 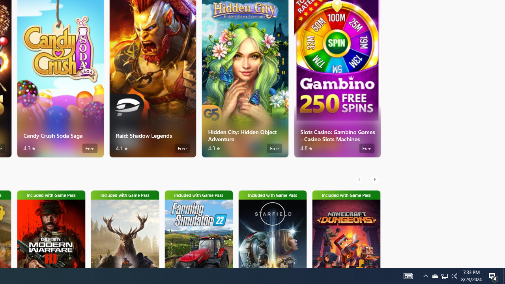 What do you see at coordinates (375, 179) in the screenshot?
I see `'AutomationID: RightScrollButton'` at bounding box center [375, 179].